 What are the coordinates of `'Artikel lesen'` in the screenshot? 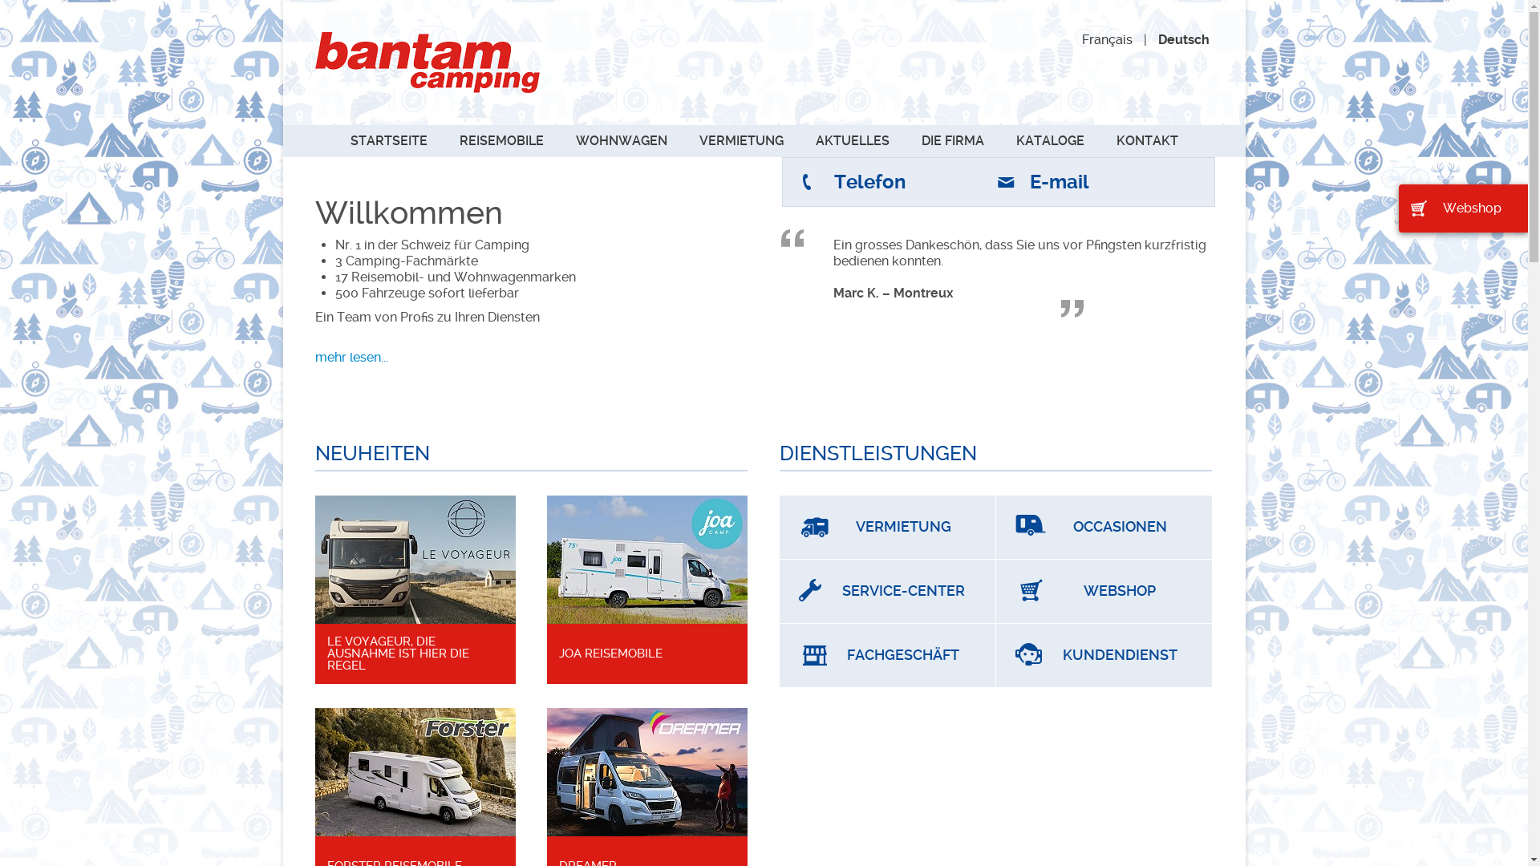 It's located at (646, 770).